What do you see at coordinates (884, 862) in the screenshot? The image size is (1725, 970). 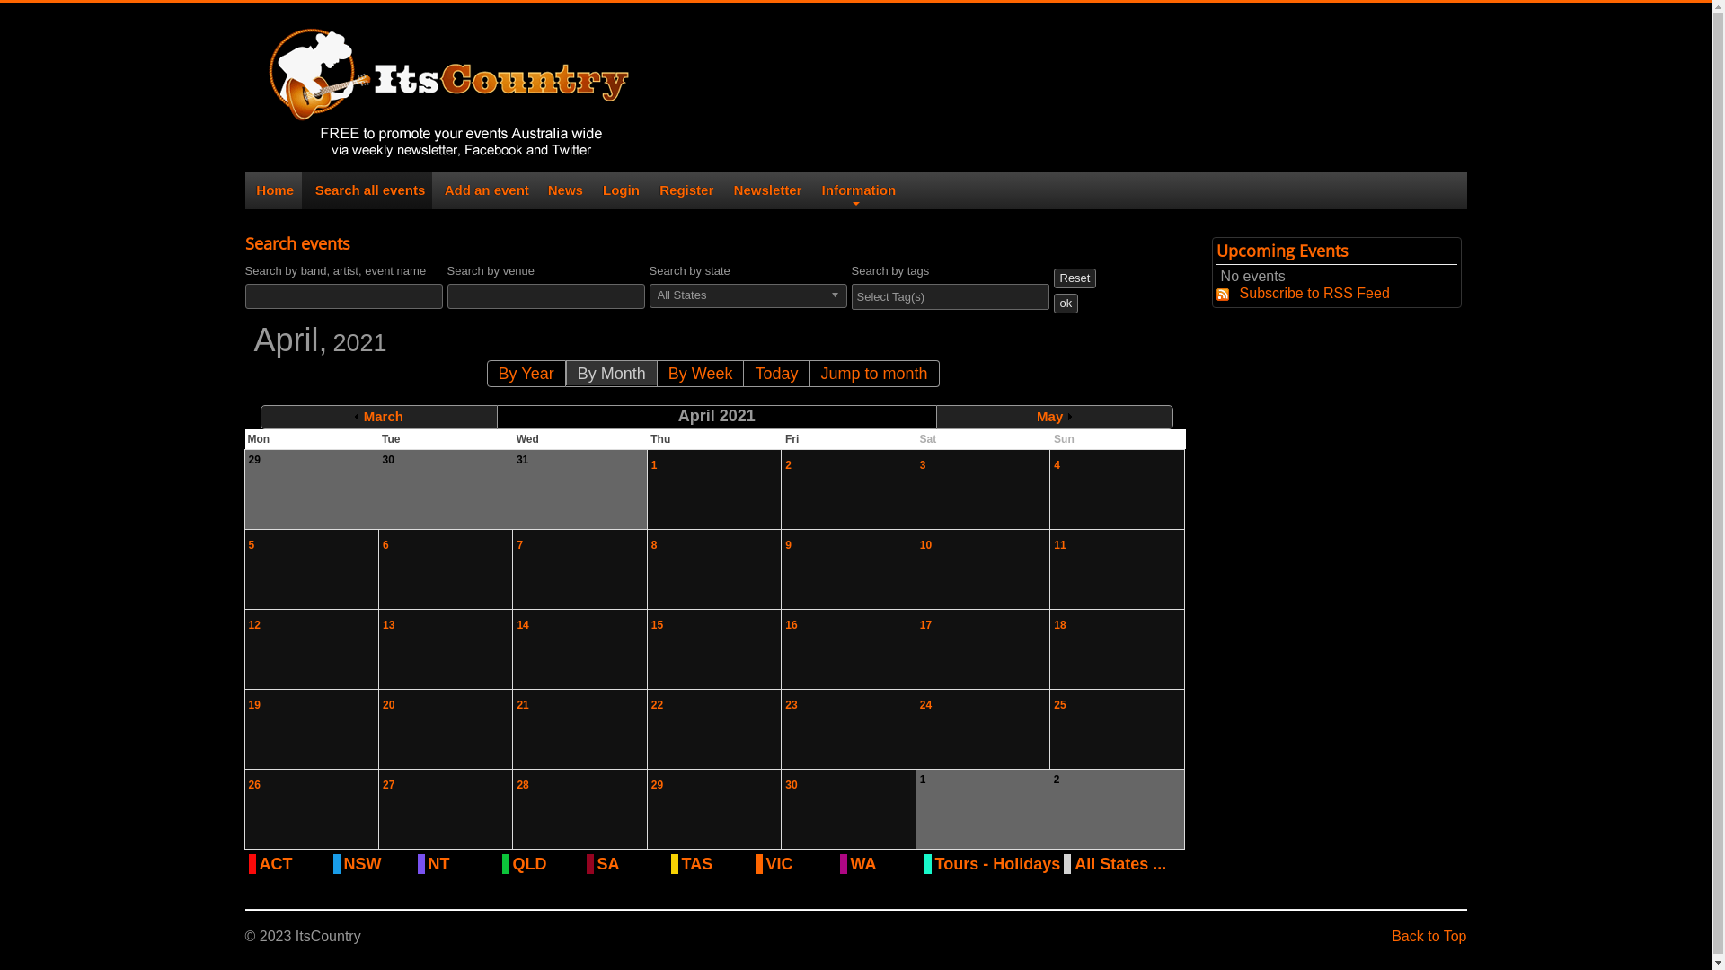 I see `'WA'` at bounding box center [884, 862].